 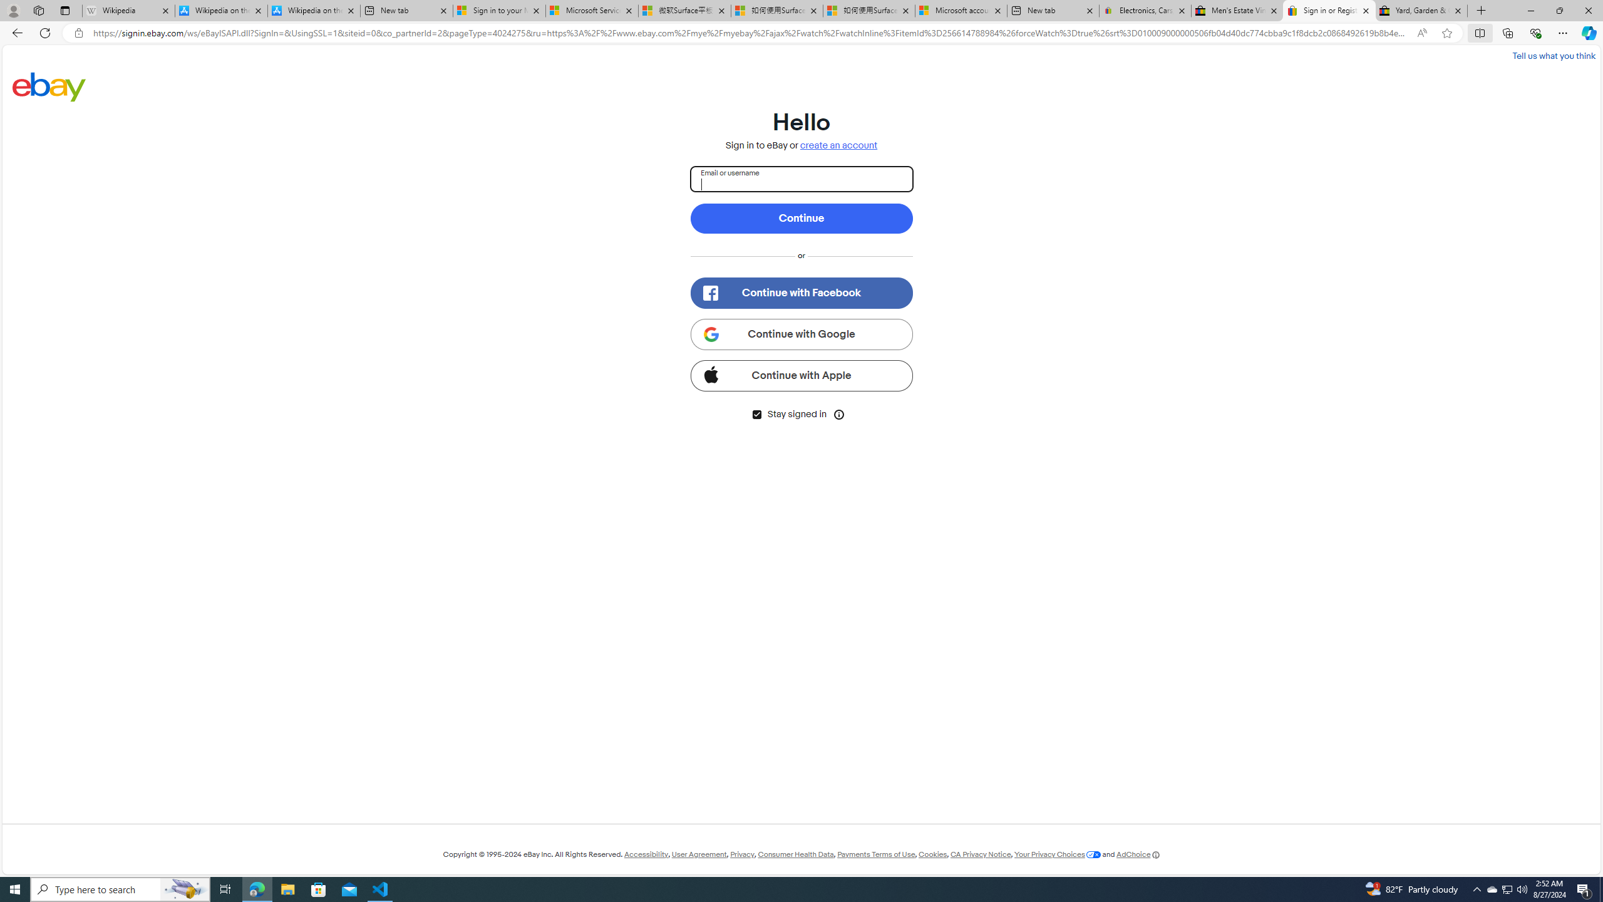 What do you see at coordinates (801, 178) in the screenshot?
I see `'Email or username'` at bounding box center [801, 178].